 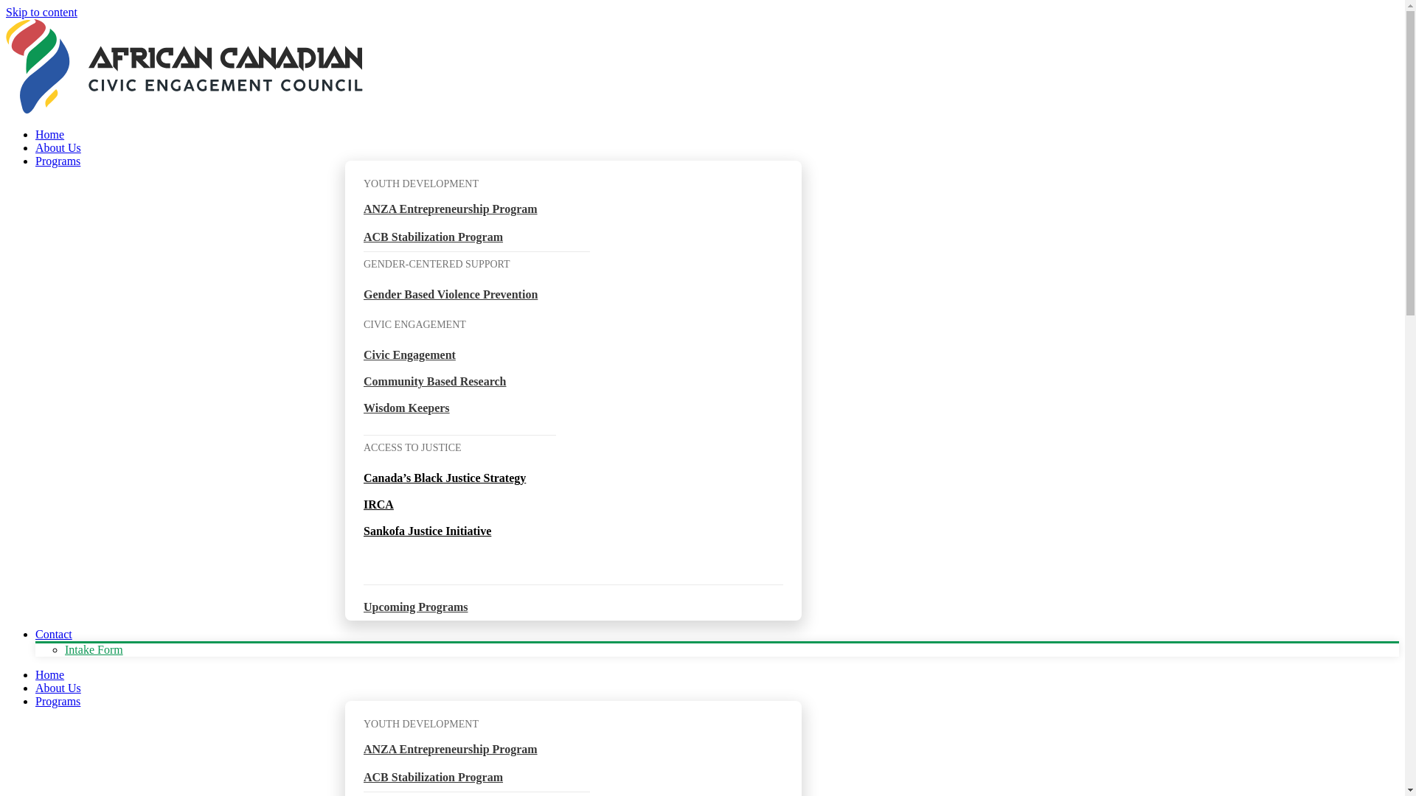 What do you see at coordinates (434, 380) in the screenshot?
I see `'Community Based Research'` at bounding box center [434, 380].